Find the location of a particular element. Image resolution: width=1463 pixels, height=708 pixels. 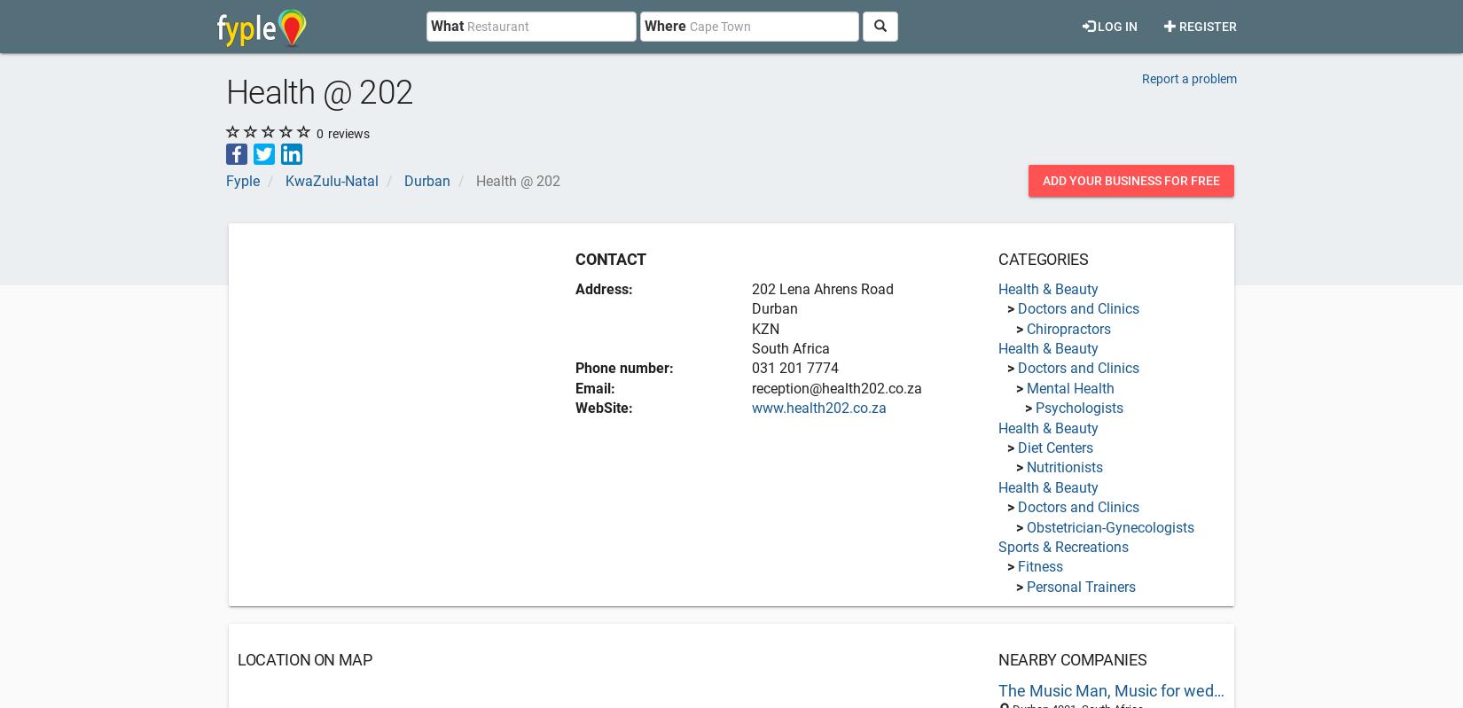

'Nutritionists' is located at coordinates (1064, 466).